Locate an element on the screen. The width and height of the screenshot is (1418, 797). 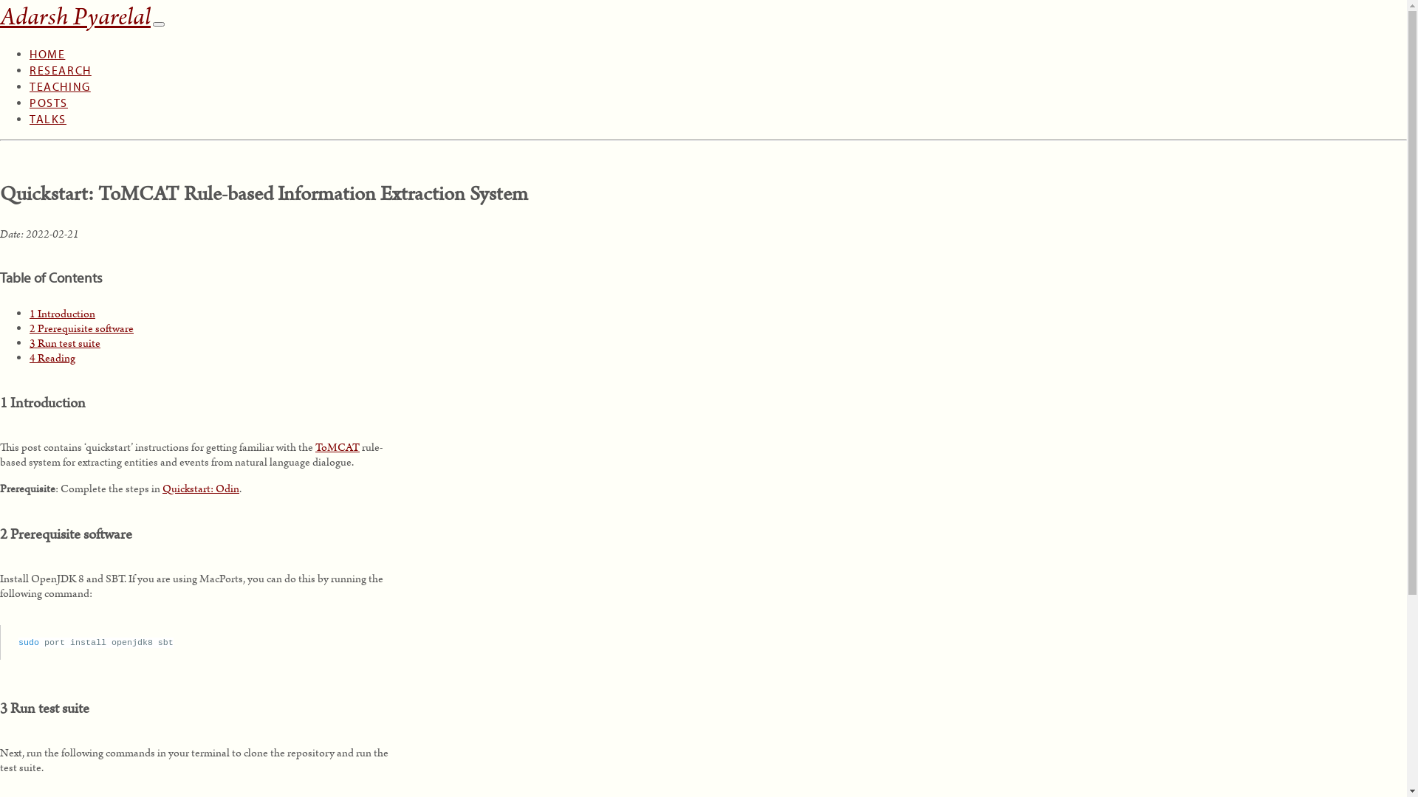
'4 Reading' is located at coordinates (29, 357).